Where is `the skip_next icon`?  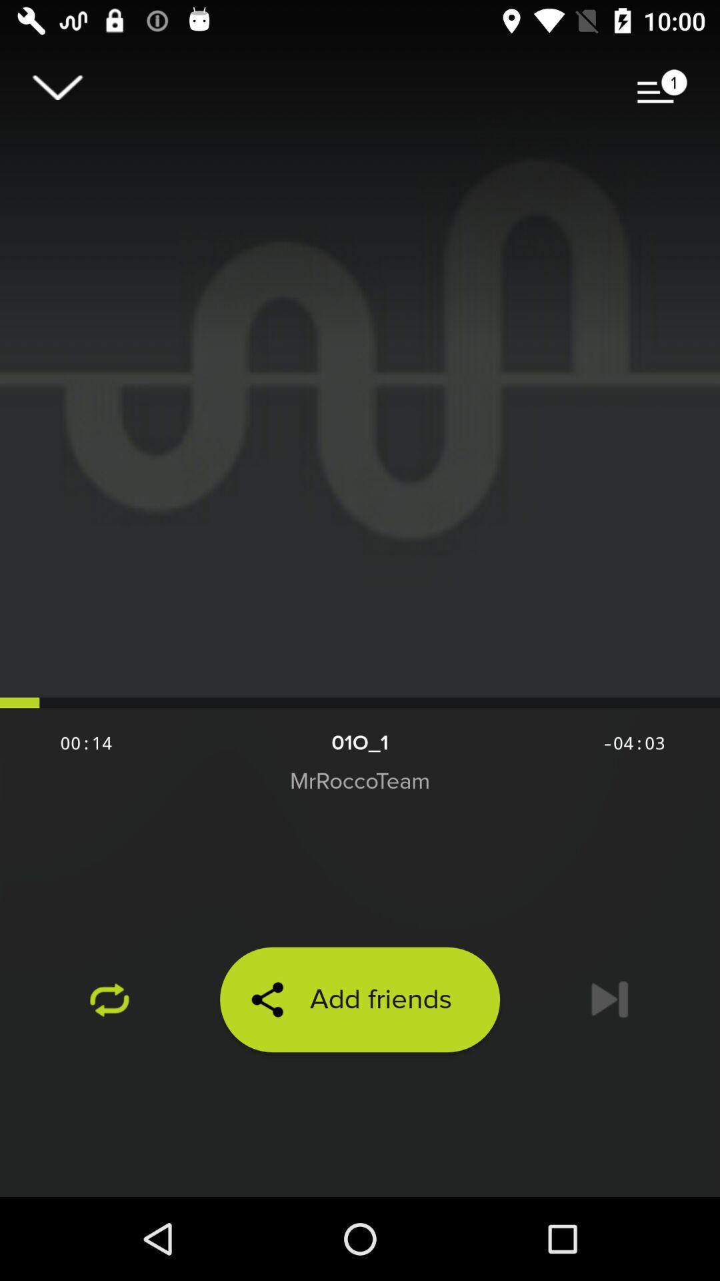 the skip_next icon is located at coordinates (609, 999).